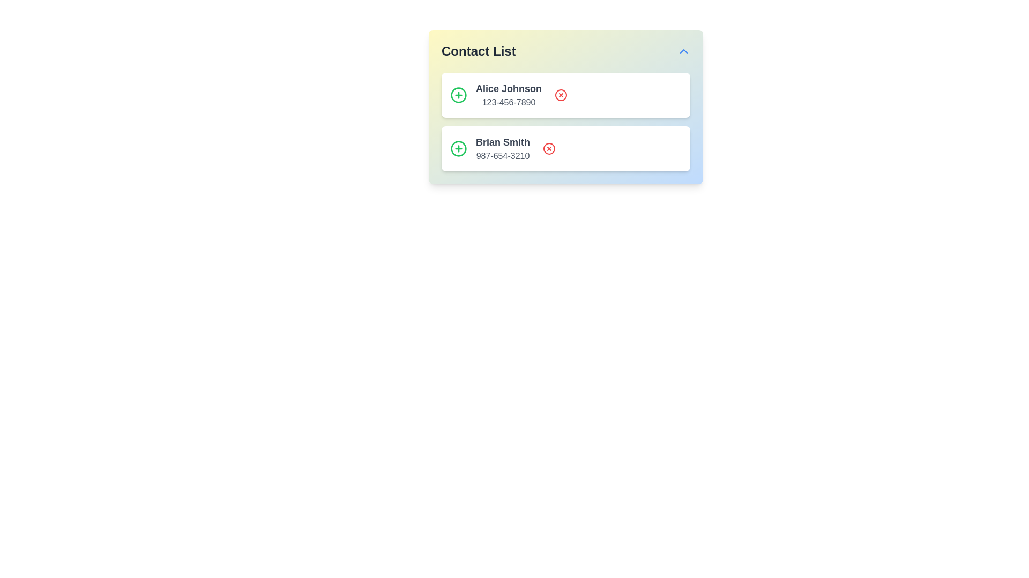  Describe the element at coordinates (508, 88) in the screenshot. I see `the text label displaying the contact's name in the top contact card of the contact list, located above the phone number '123-456-7890'` at that location.